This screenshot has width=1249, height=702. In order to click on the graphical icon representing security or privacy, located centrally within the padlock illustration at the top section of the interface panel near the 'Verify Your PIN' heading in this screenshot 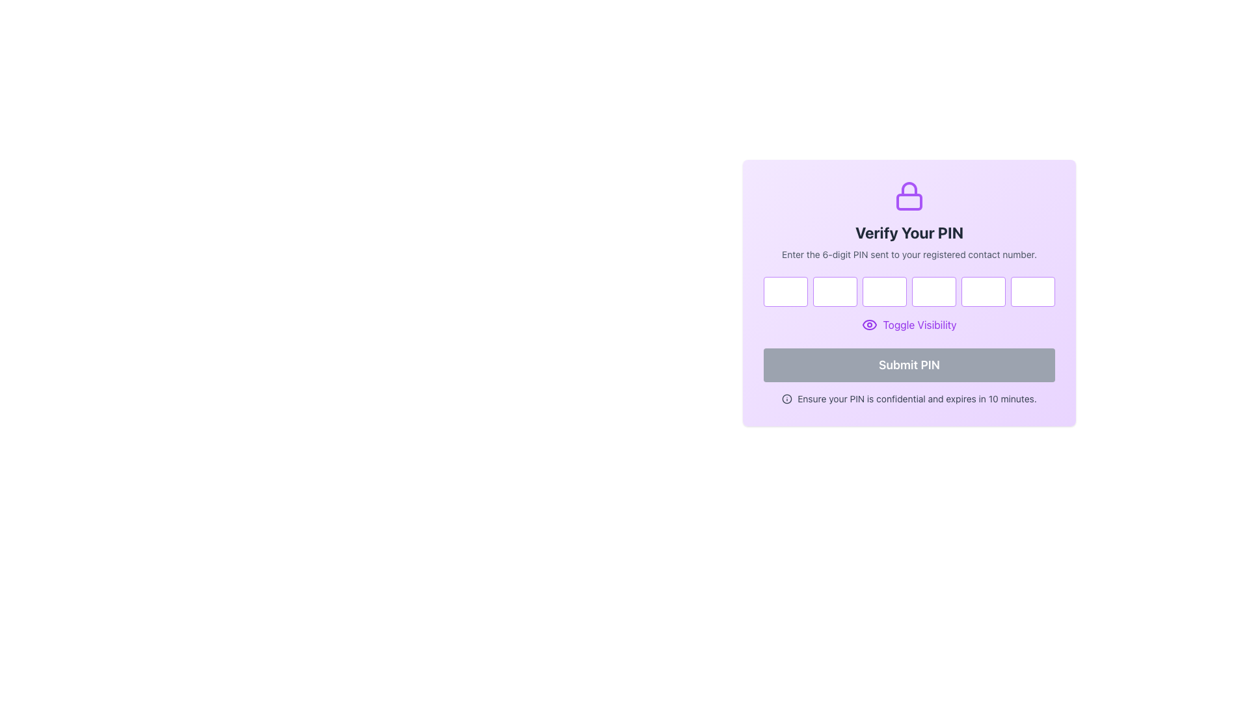, I will do `click(908, 188)`.